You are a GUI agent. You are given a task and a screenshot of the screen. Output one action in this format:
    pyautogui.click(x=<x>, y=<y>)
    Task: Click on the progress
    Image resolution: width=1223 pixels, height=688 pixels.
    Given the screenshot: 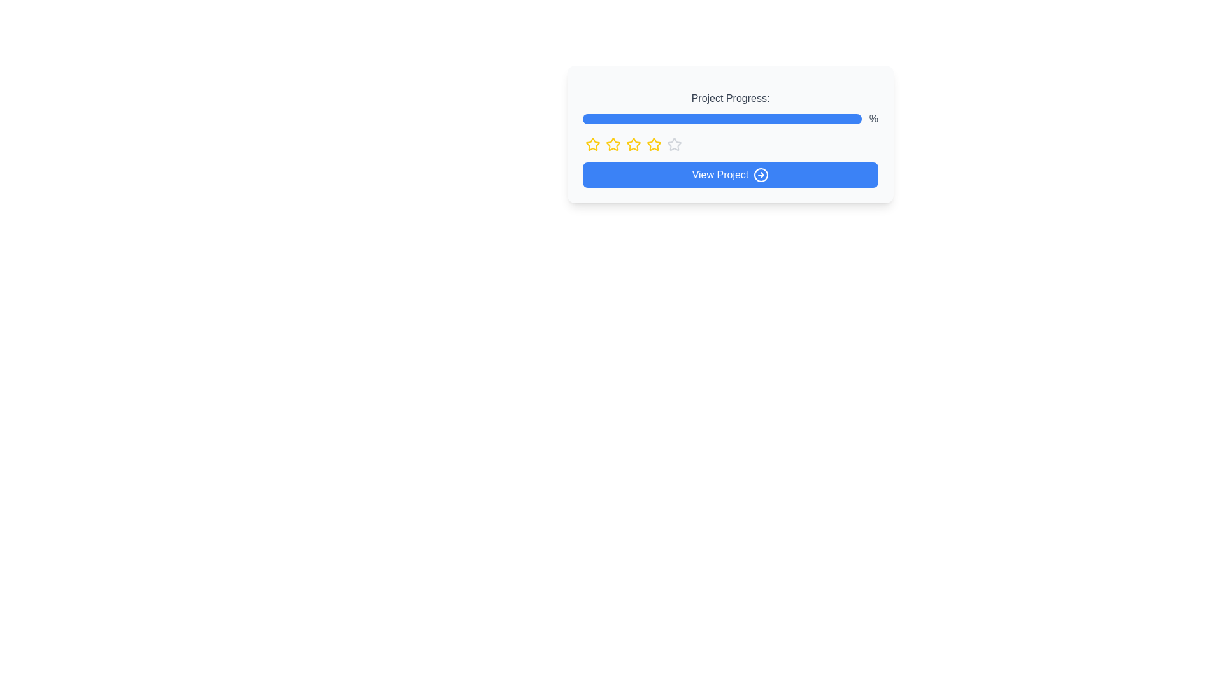 What is the action you would take?
    pyautogui.click(x=708, y=118)
    